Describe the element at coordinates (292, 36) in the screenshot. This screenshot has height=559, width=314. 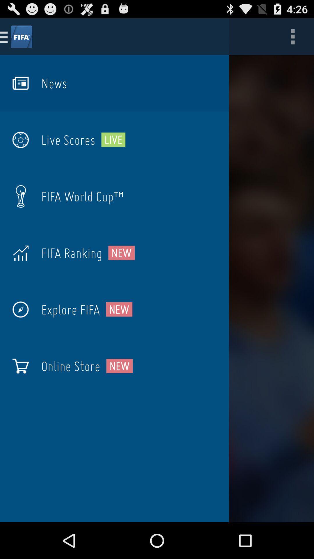
I see `icon at the top right corner` at that location.